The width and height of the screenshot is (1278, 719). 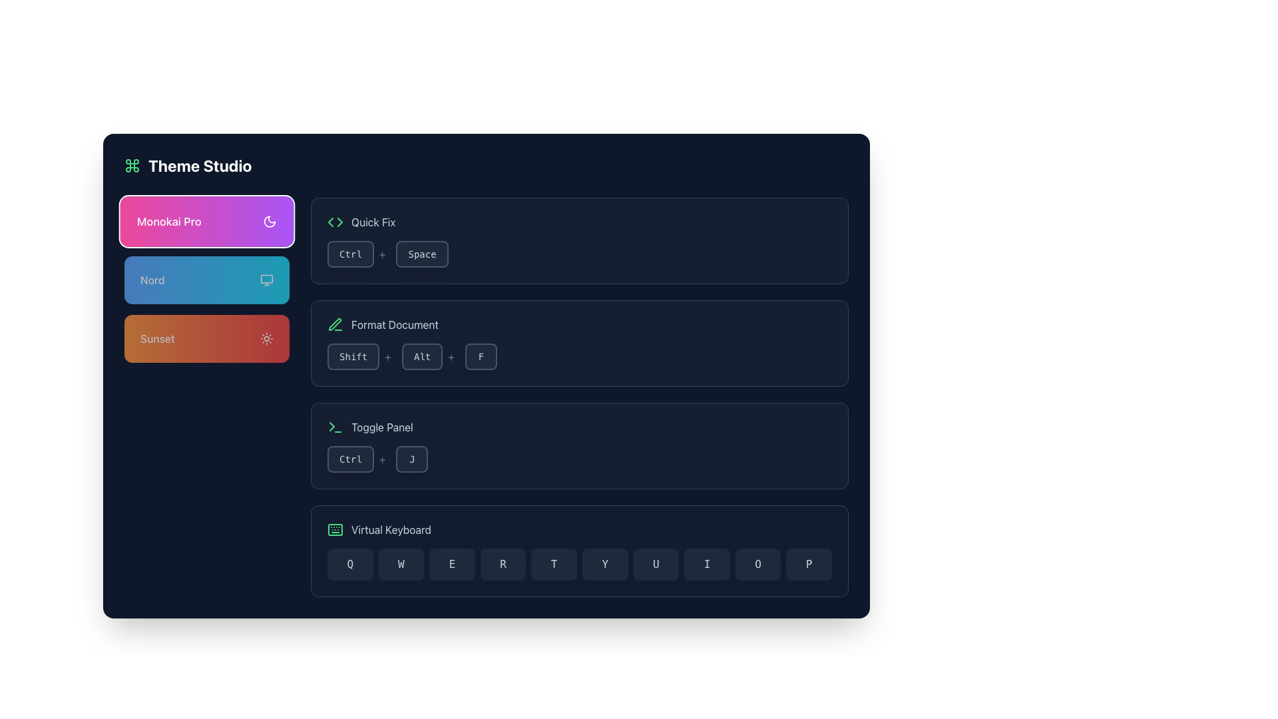 What do you see at coordinates (206, 279) in the screenshot?
I see `the blue gradient button labeled 'Nord' located in the left panel underneath the 'Monokai Pro' button and above the 'Sunset' button` at bounding box center [206, 279].